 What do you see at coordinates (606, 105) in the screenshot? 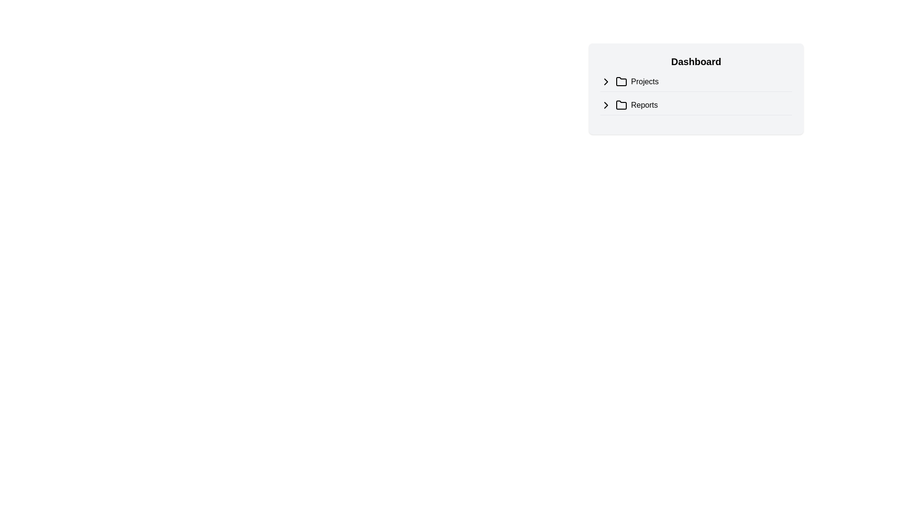
I see `the right-pointing chevron icon for navigation, which is positioned to the left of the 'Projects' text label` at bounding box center [606, 105].